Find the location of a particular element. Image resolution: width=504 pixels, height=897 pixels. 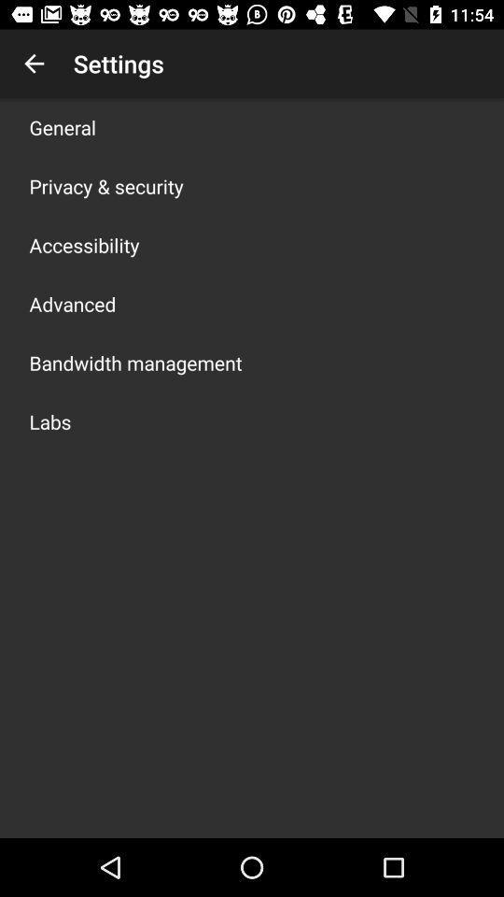

the general is located at coordinates (63, 126).